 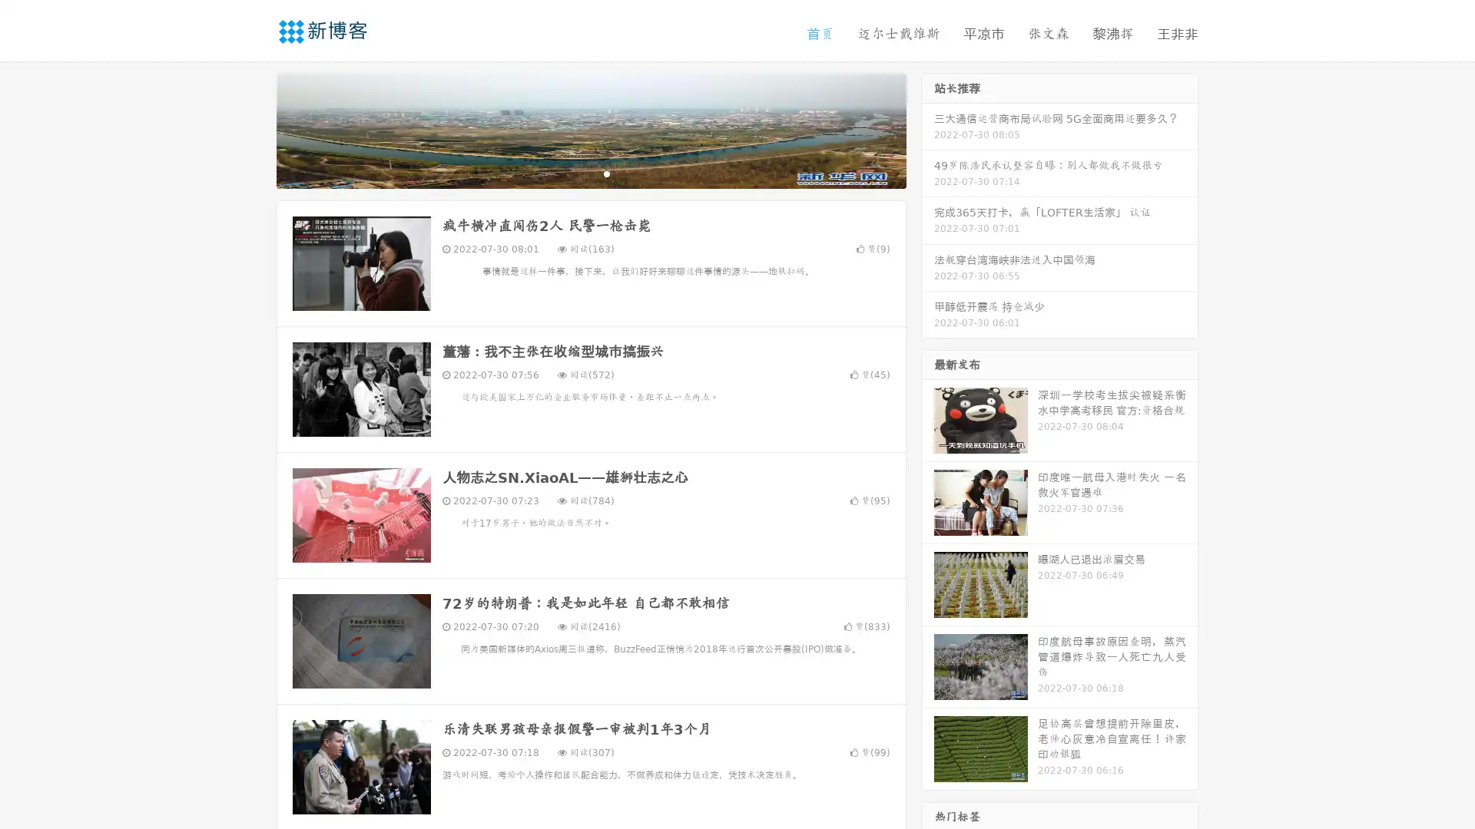 I want to click on Go to slide 1, so click(x=575, y=173).